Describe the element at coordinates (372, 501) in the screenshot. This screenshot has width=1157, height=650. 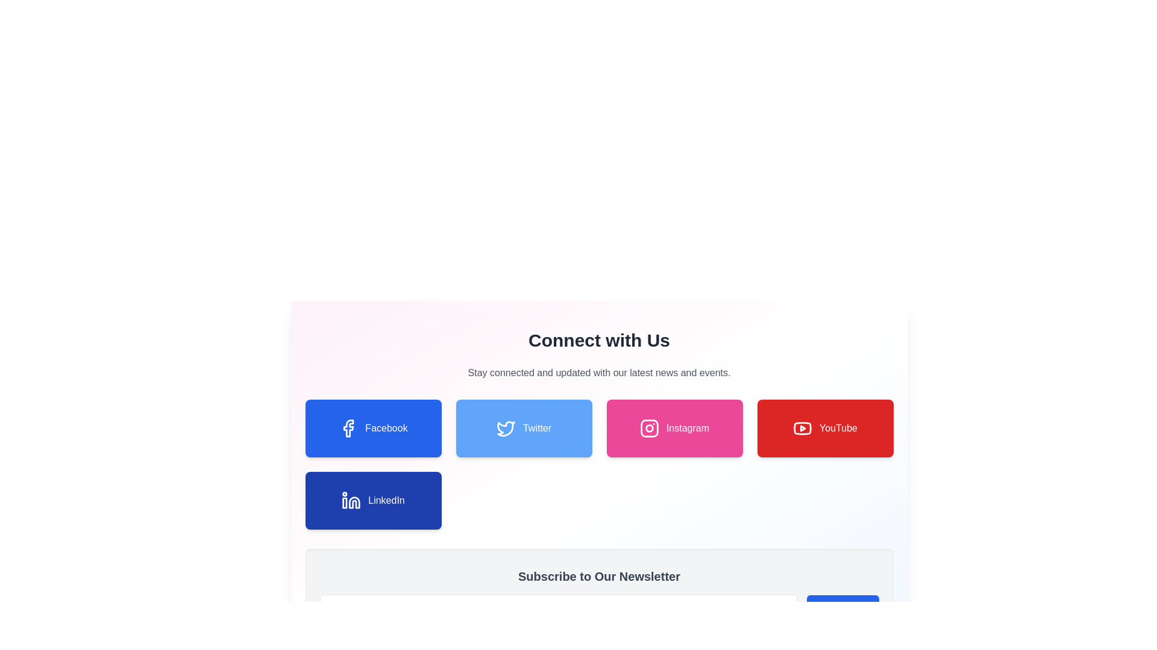
I see `the Interactive button labeled 'LinkedIn' with a blue background and a white LinkedIn logo` at that location.